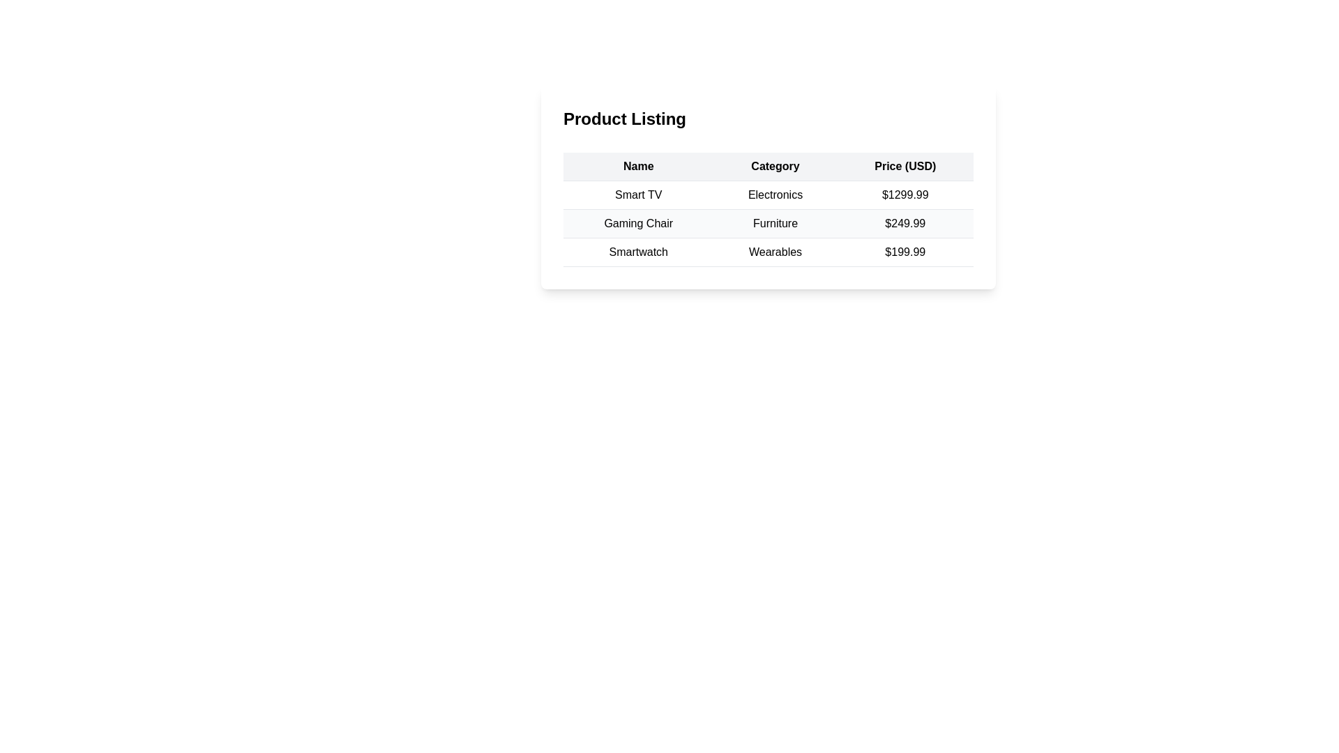 The image size is (1339, 753). What do you see at coordinates (905, 166) in the screenshot?
I see `the 'Price (USD)' header text label in the table, which is located in the third column of the header row, providing context for the values listed below` at bounding box center [905, 166].